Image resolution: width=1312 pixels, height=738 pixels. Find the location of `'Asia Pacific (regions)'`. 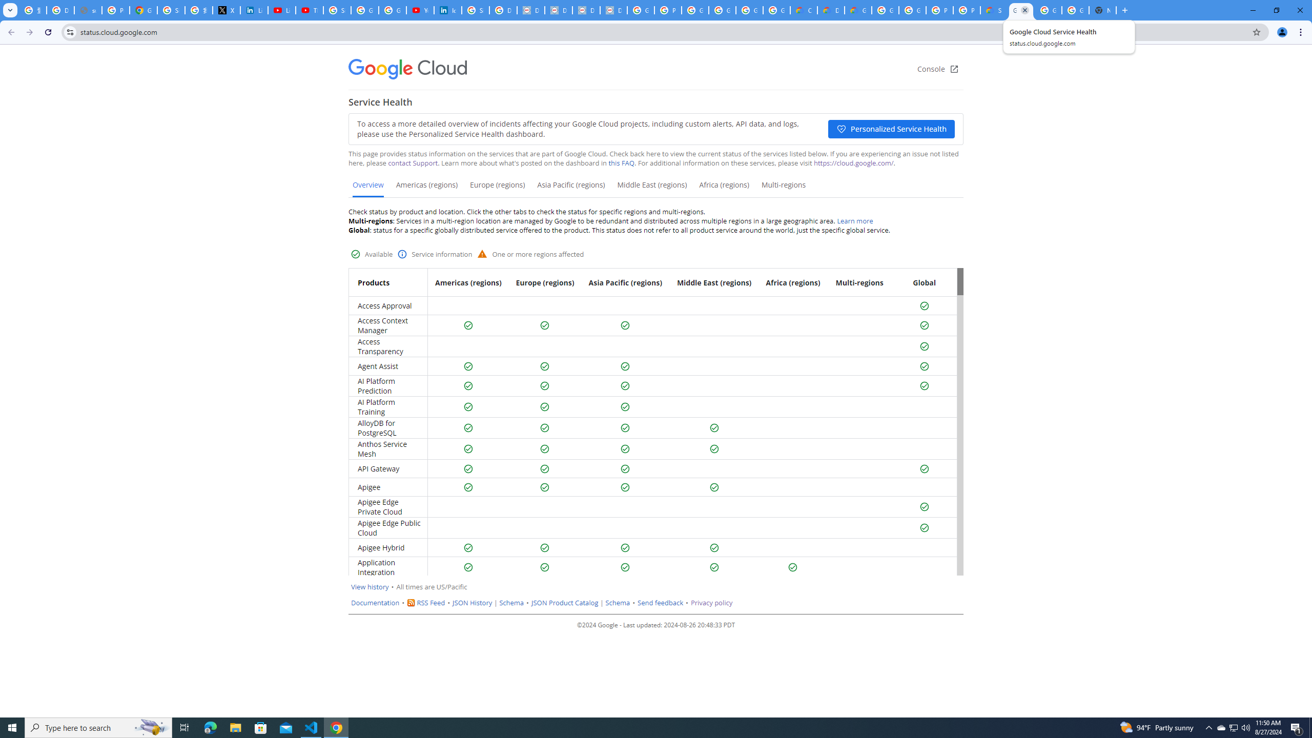

'Asia Pacific (regions)' is located at coordinates (570, 188).